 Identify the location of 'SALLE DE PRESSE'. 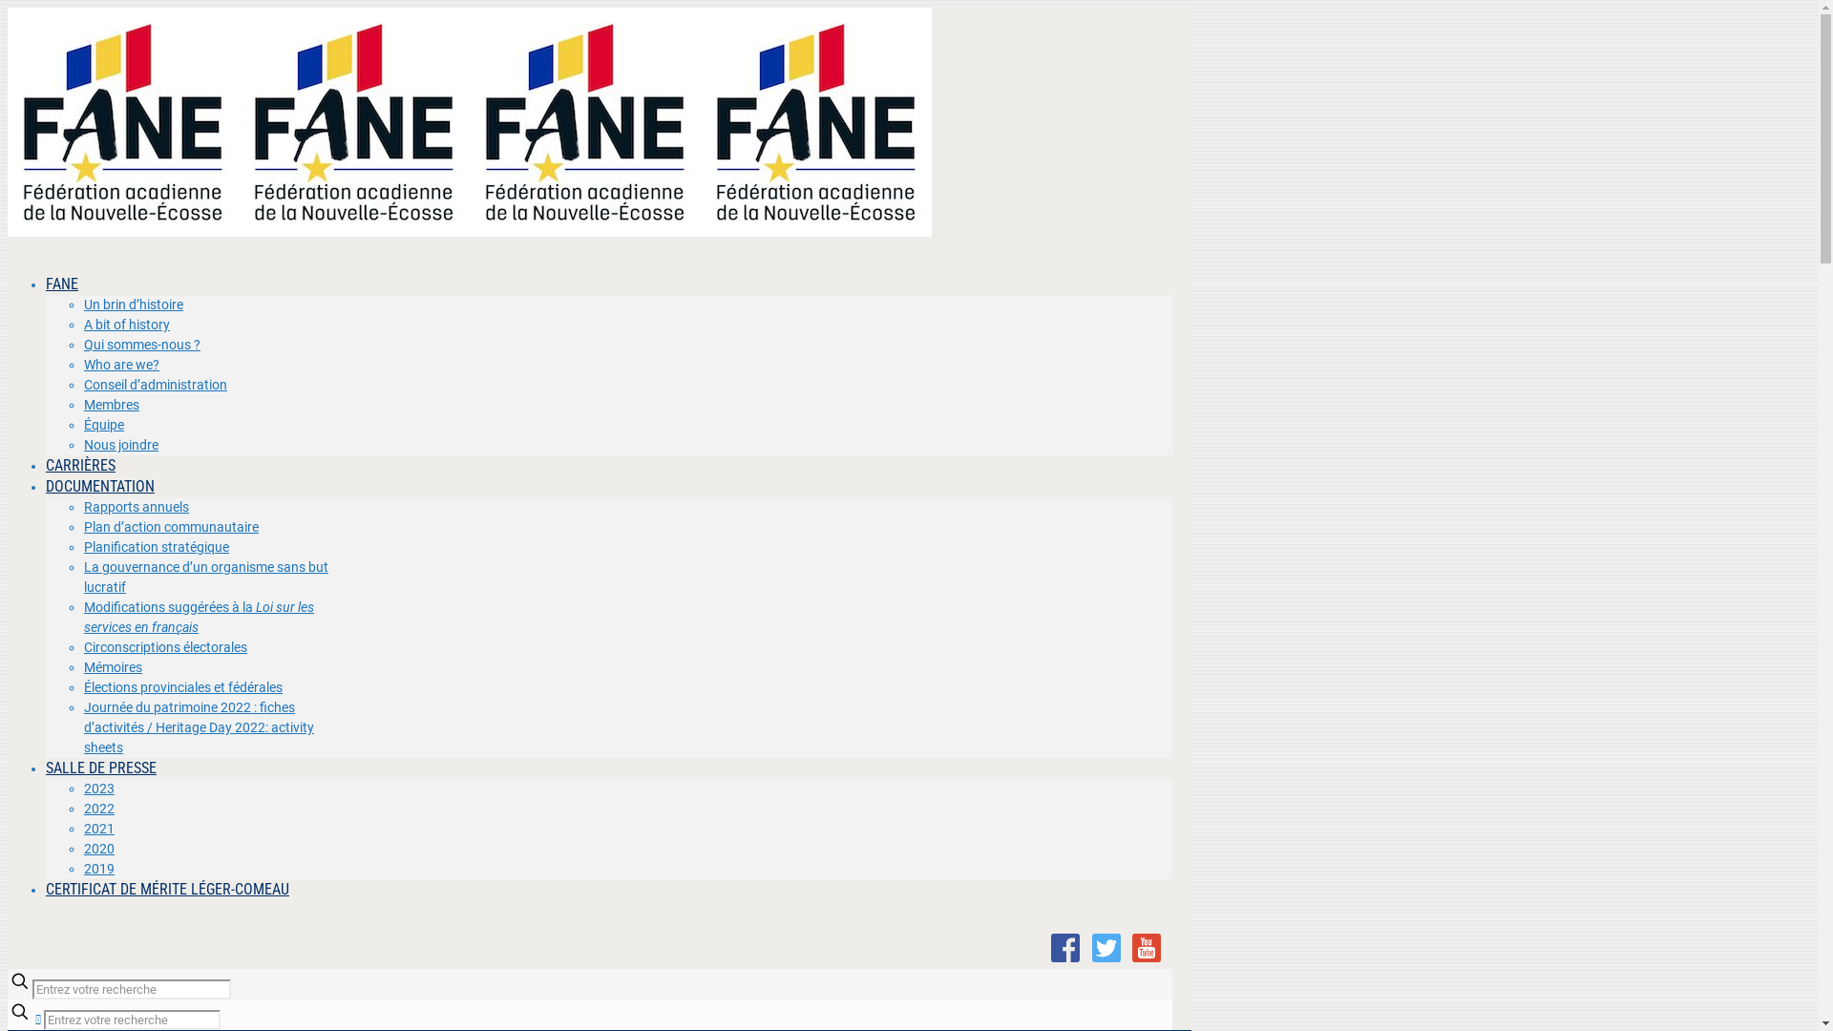
(99, 767).